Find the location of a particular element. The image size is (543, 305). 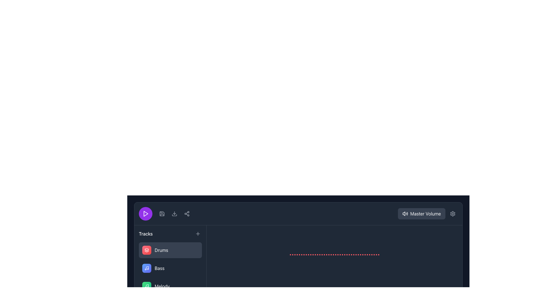

the label displaying 'Bass' with a music icon, which is positioned in the 'Tracks' section below 'Drums' and above 'Melody' is located at coordinates (153, 268).